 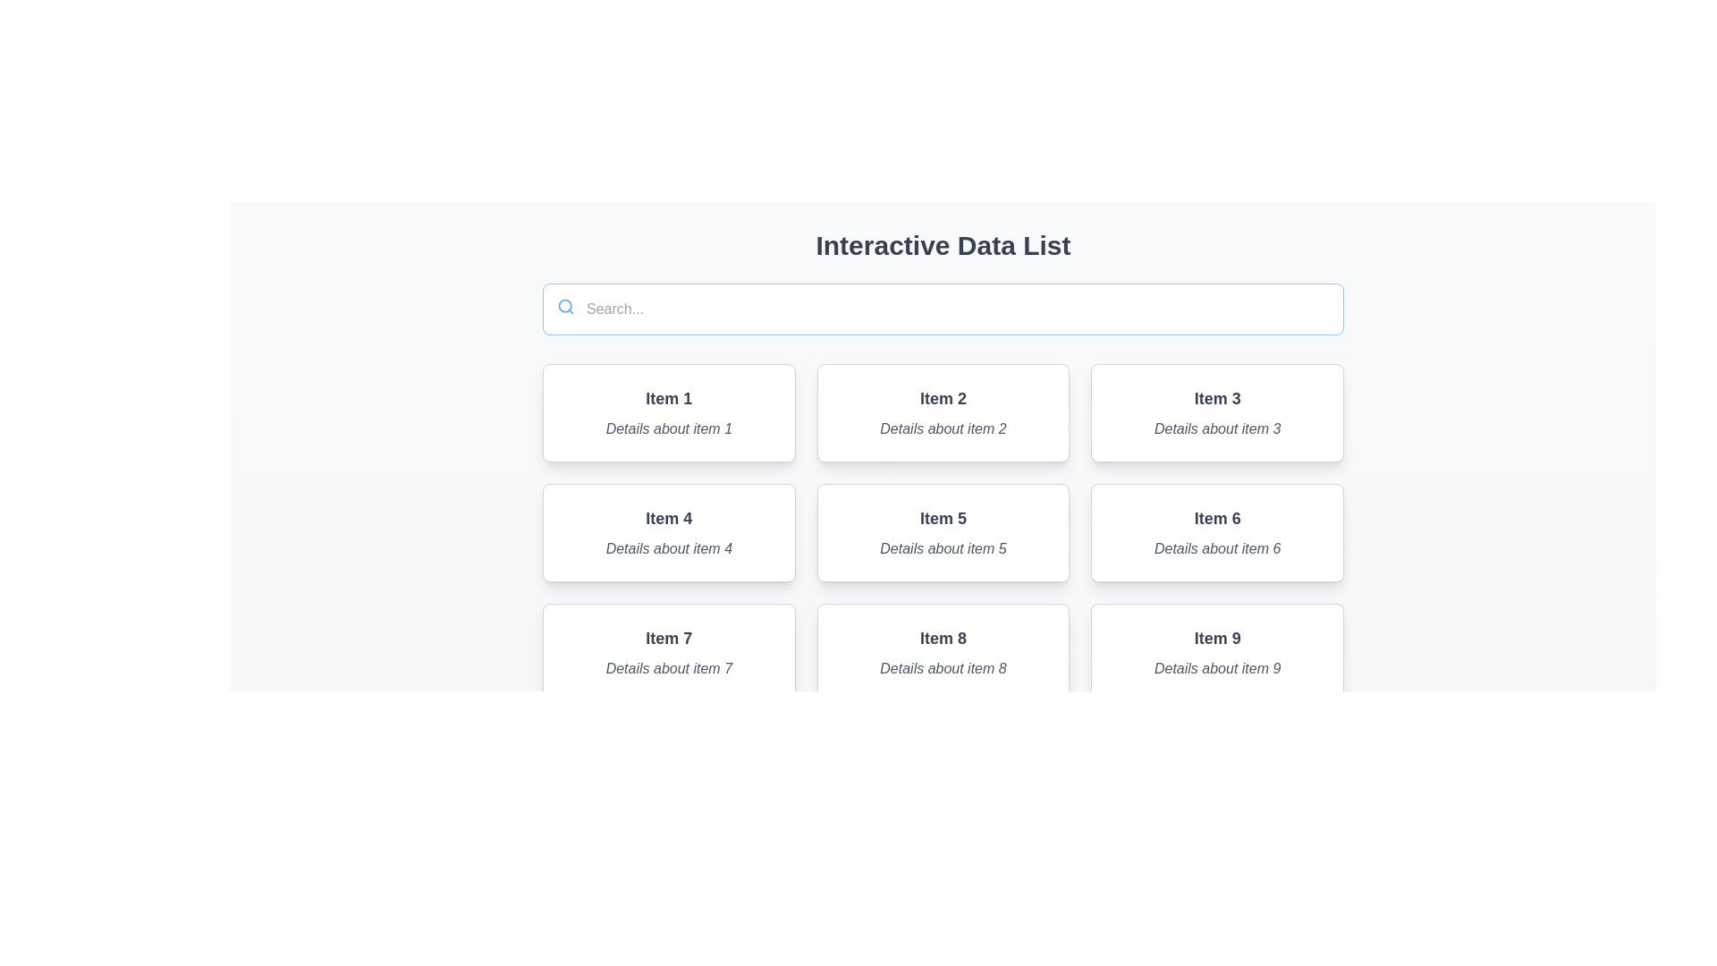 What do you see at coordinates (668, 547) in the screenshot?
I see `the static text displaying 'Details about item 4', which is styled in italic and light gray, located at the lower portion of the 'Item 4' card in the 3x3 grid layout` at bounding box center [668, 547].